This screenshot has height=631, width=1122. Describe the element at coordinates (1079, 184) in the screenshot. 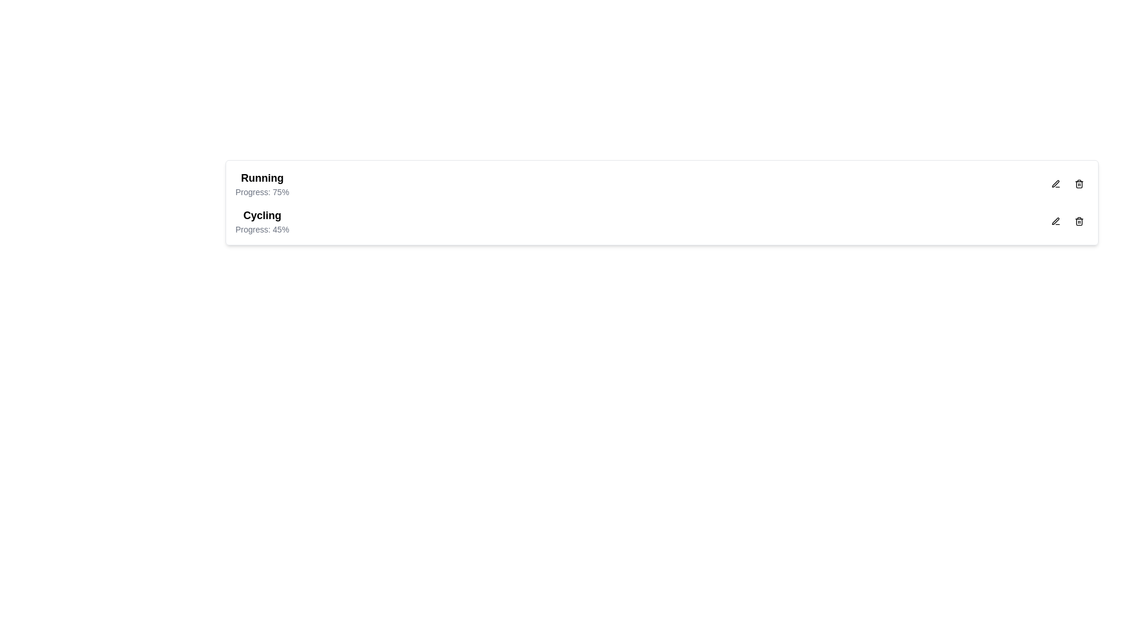

I see `the delete icon button located at the far-right side of the lower task entry labeled 'Cycling'` at that location.